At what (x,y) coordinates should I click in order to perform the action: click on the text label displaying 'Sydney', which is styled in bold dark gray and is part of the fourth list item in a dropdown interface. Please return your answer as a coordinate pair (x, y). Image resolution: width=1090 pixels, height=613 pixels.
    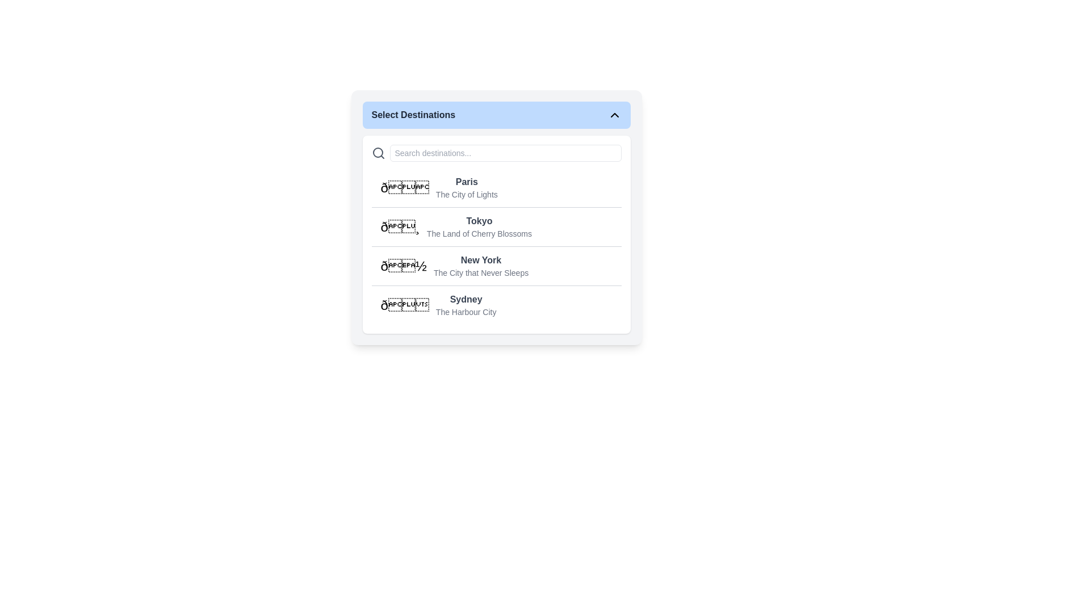
    Looking at the image, I should click on (466, 299).